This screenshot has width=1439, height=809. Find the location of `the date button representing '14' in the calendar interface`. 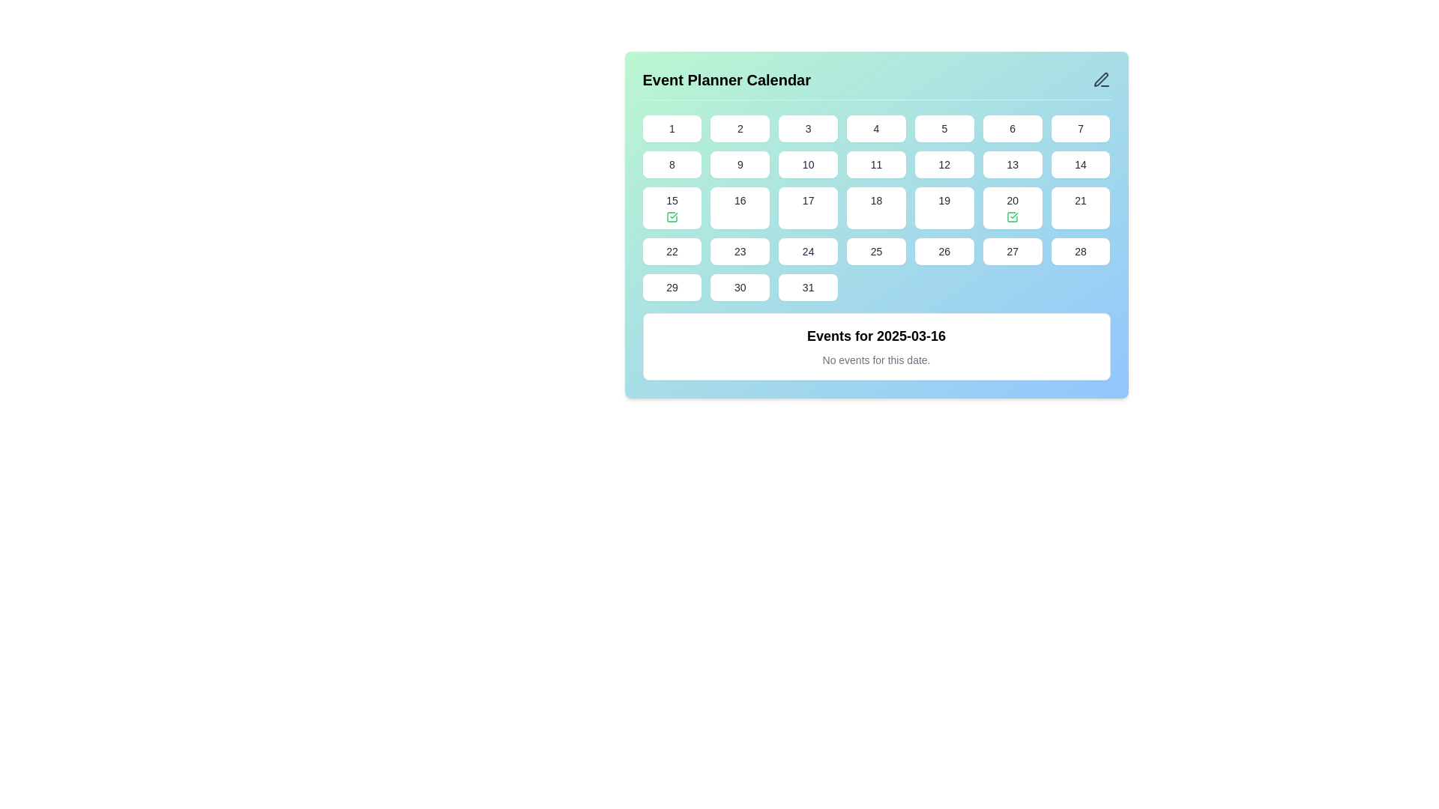

the date button representing '14' in the calendar interface is located at coordinates (1081, 164).